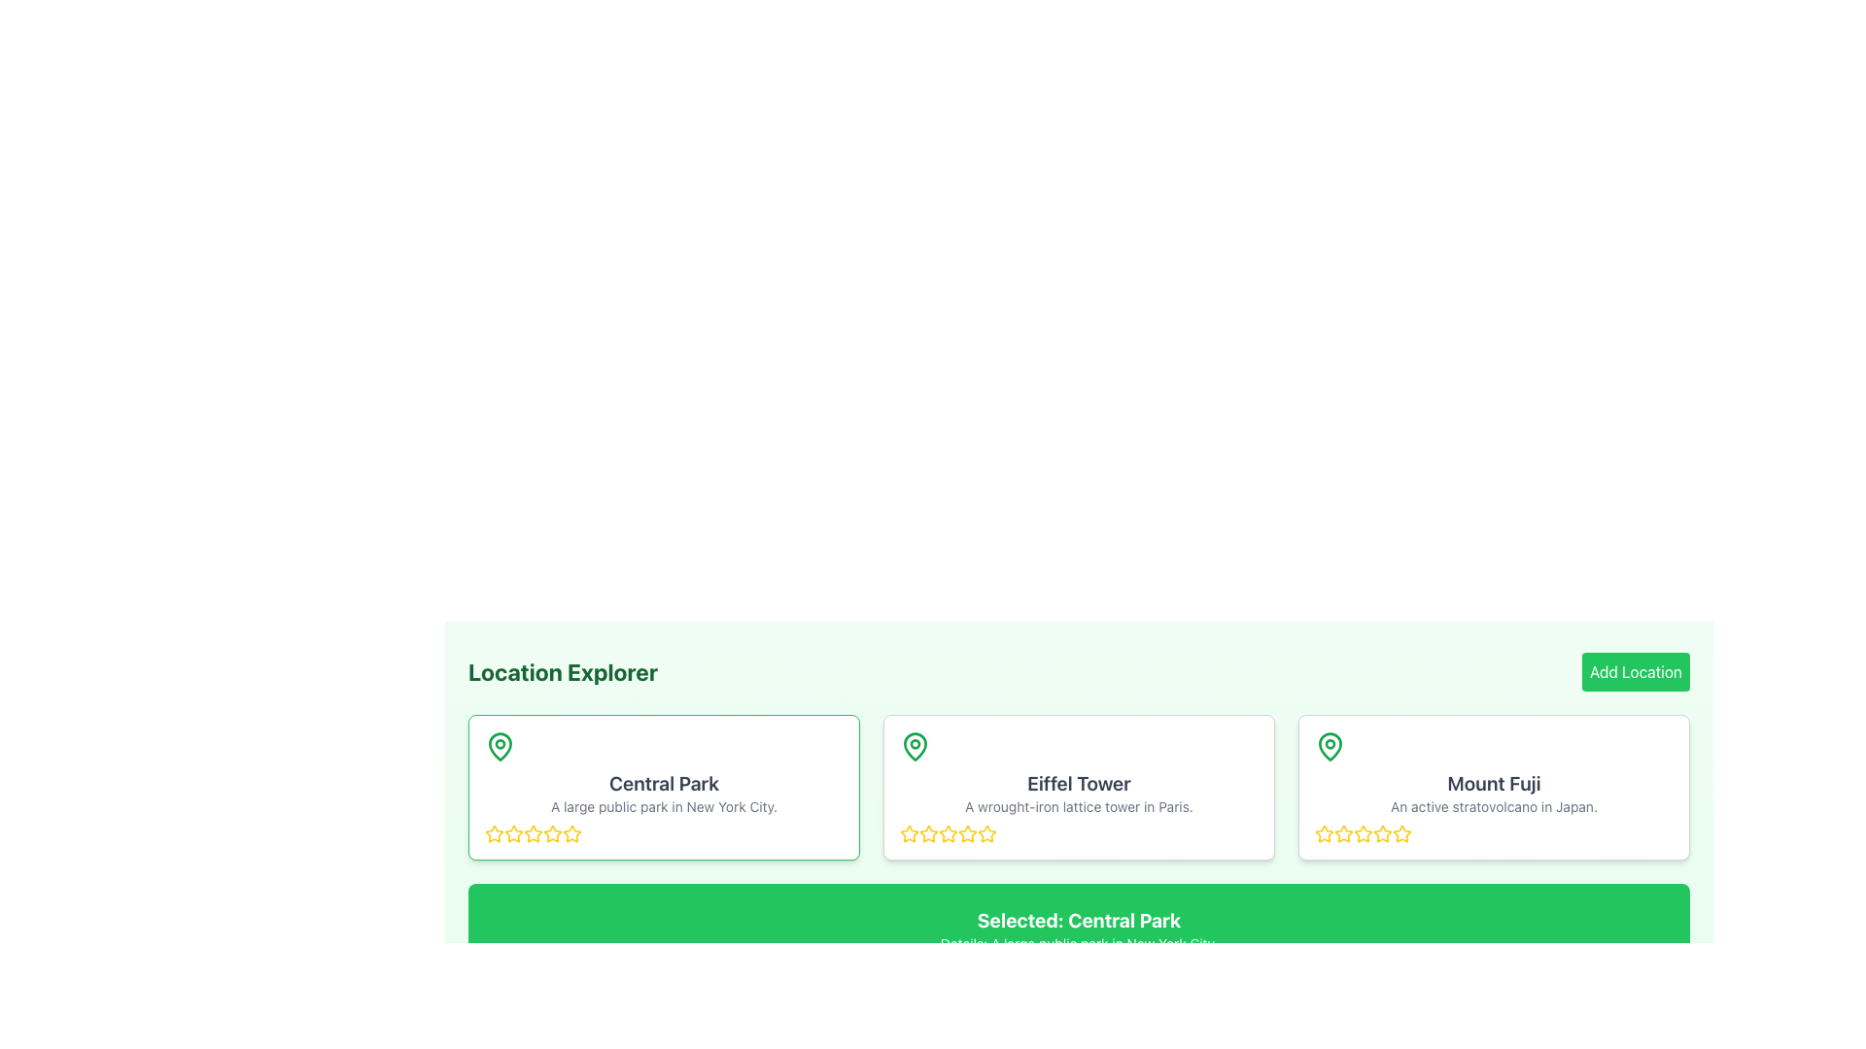 Image resolution: width=1866 pixels, height=1049 pixels. Describe the element at coordinates (500, 745) in the screenshot. I see `the map pin icon representing 'Central Park', located at the upper-left corner of the card above the text content and ratings` at that location.